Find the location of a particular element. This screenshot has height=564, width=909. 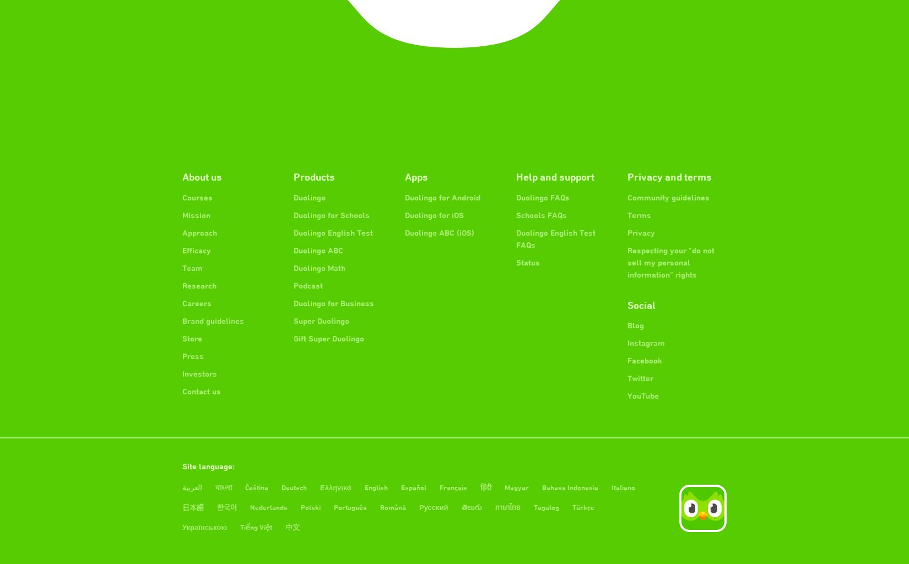

'Nederlands' is located at coordinates (268, 507).